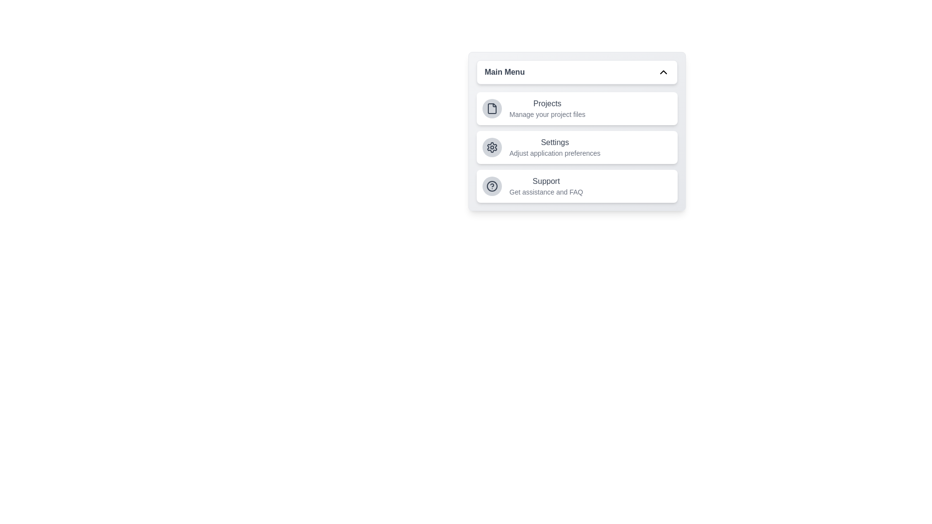 This screenshot has height=524, width=932. What do you see at coordinates (577, 147) in the screenshot?
I see `the menu item corresponding to Settings` at bounding box center [577, 147].